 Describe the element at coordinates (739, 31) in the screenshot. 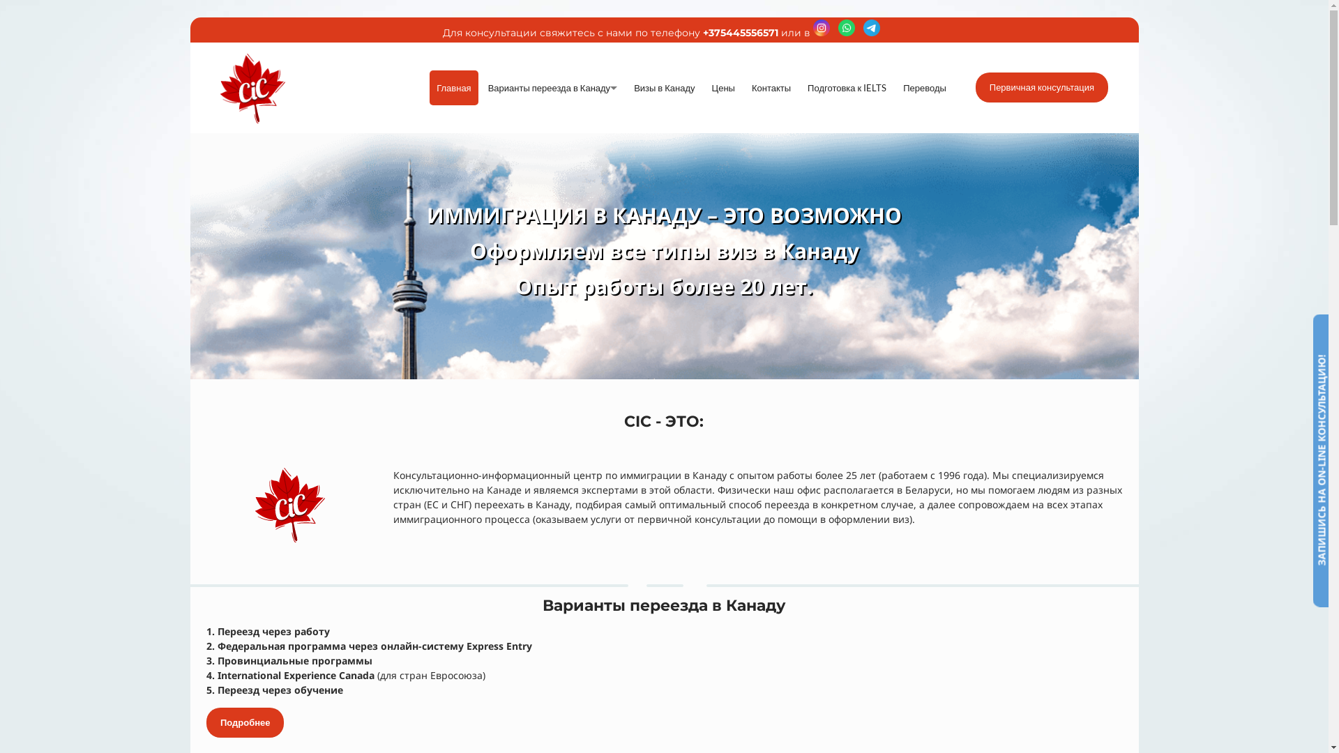

I see `'+375445556571'` at that location.